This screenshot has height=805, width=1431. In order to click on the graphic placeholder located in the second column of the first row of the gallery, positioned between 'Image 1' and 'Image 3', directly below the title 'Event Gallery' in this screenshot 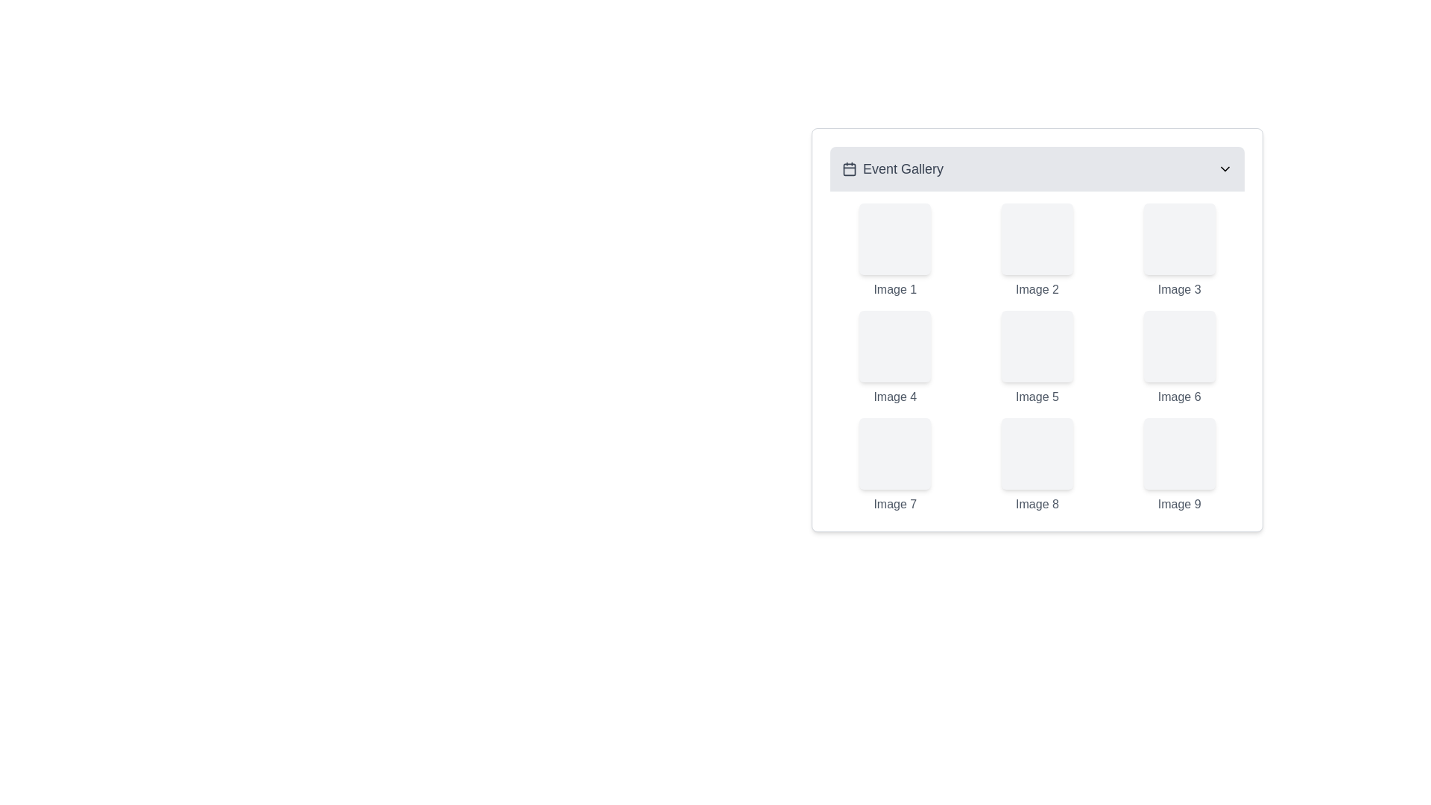, I will do `click(1037, 238)`.